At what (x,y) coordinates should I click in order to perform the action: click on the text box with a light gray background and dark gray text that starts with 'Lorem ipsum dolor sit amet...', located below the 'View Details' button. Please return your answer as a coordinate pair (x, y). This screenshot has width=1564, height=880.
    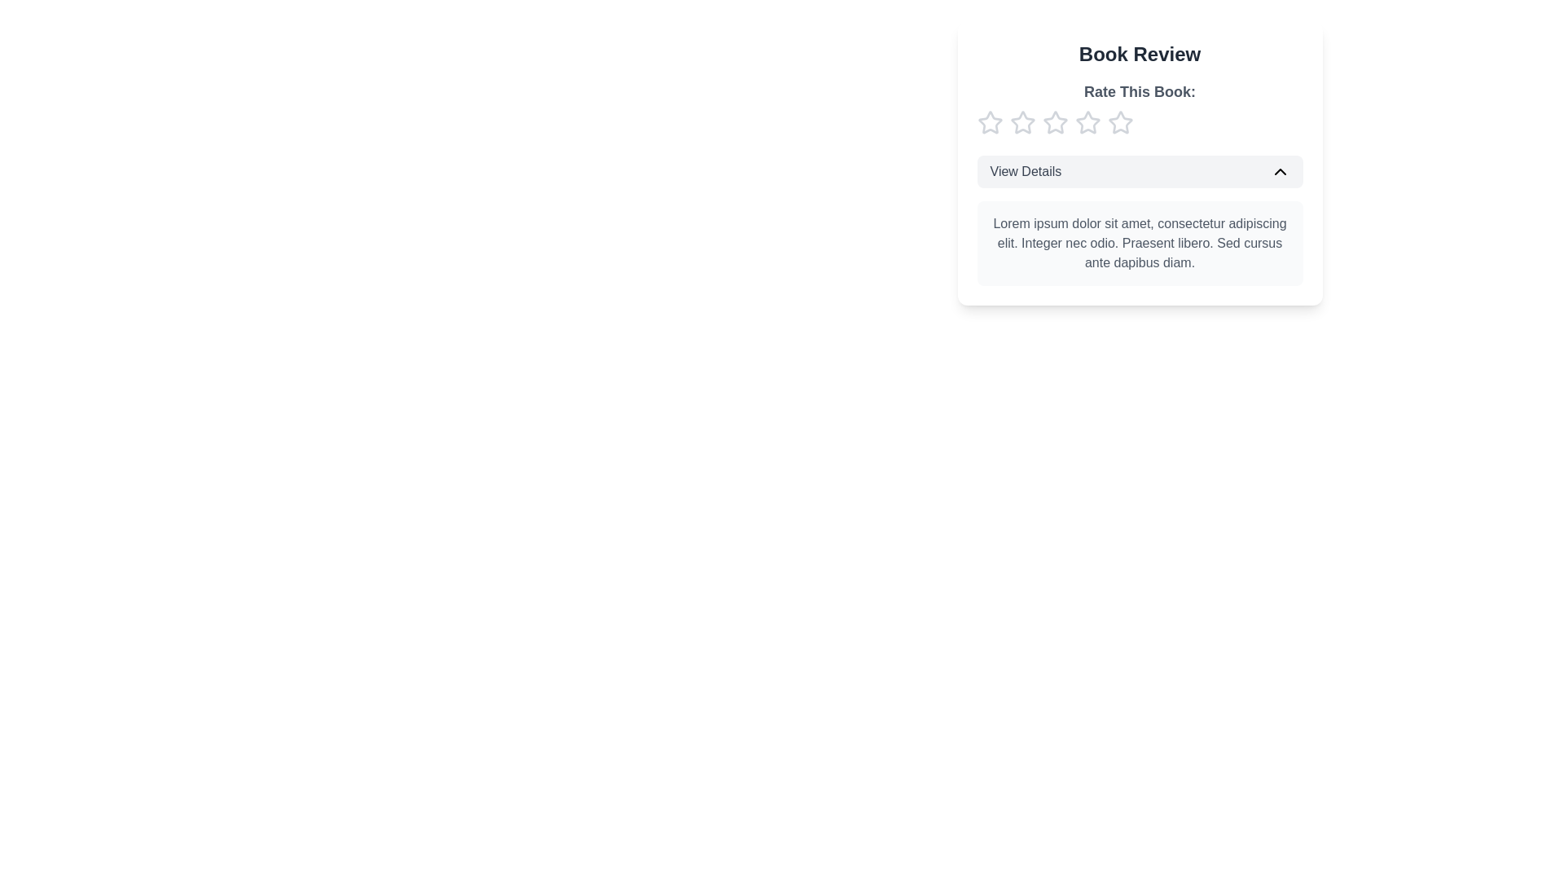
    Looking at the image, I should click on (1139, 244).